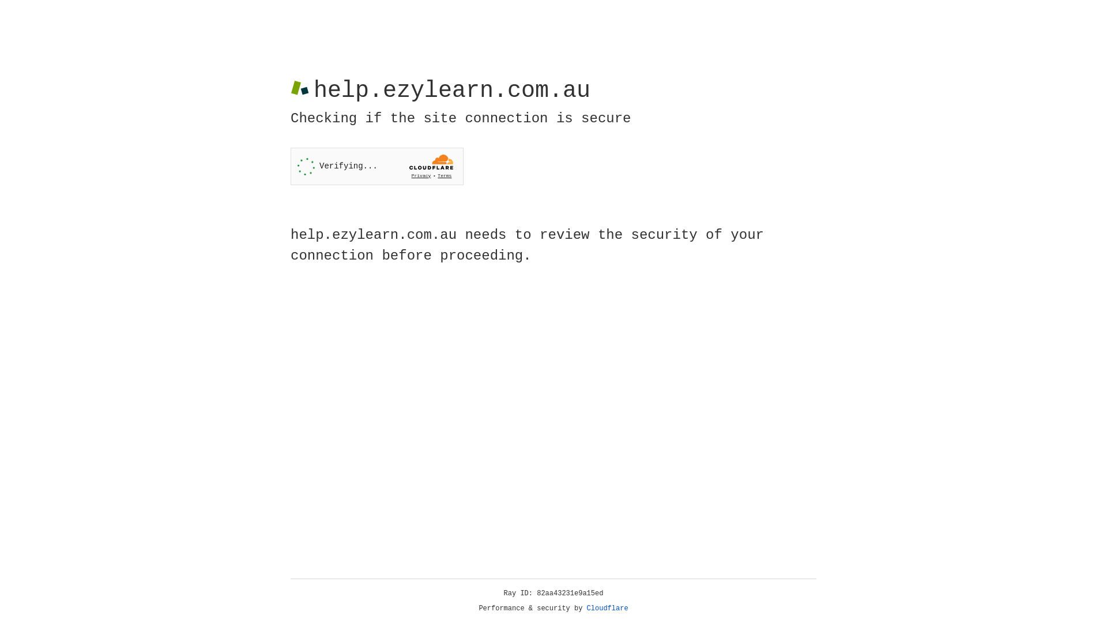 The height and width of the screenshot is (623, 1107). I want to click on 'Cloudflare', so click(607, 608).